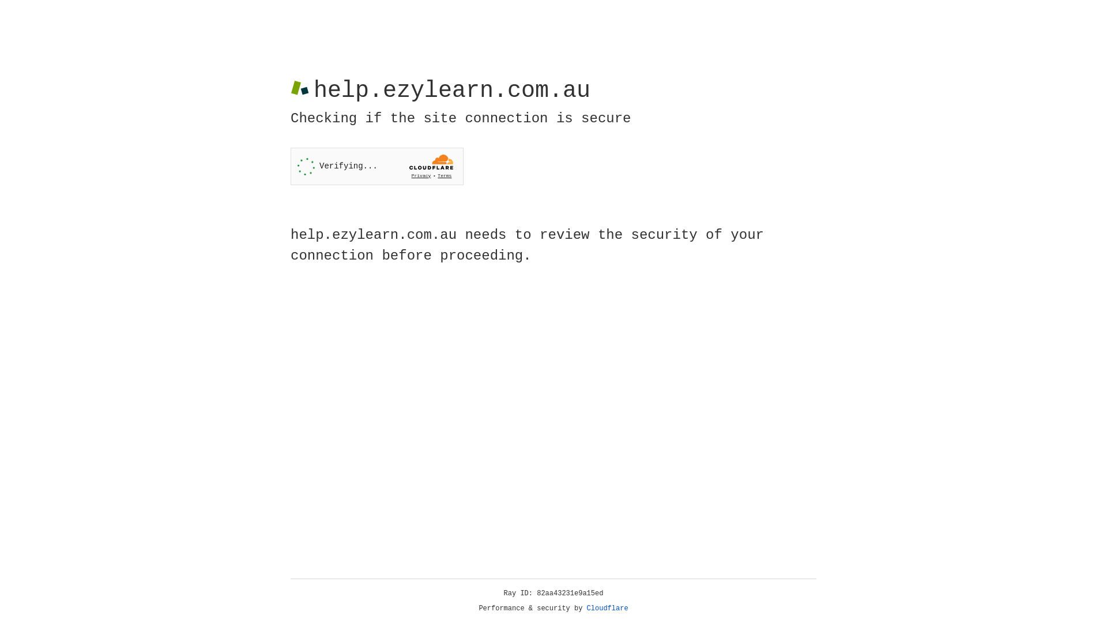 The height and width of the screenshot is (623, 1107). I want to click on 'Cloudflare', so click(607, 608).